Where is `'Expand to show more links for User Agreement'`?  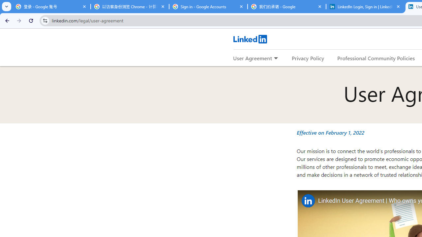 'Expand to show more links for User Agreement' is located at coordinates (276, 58).